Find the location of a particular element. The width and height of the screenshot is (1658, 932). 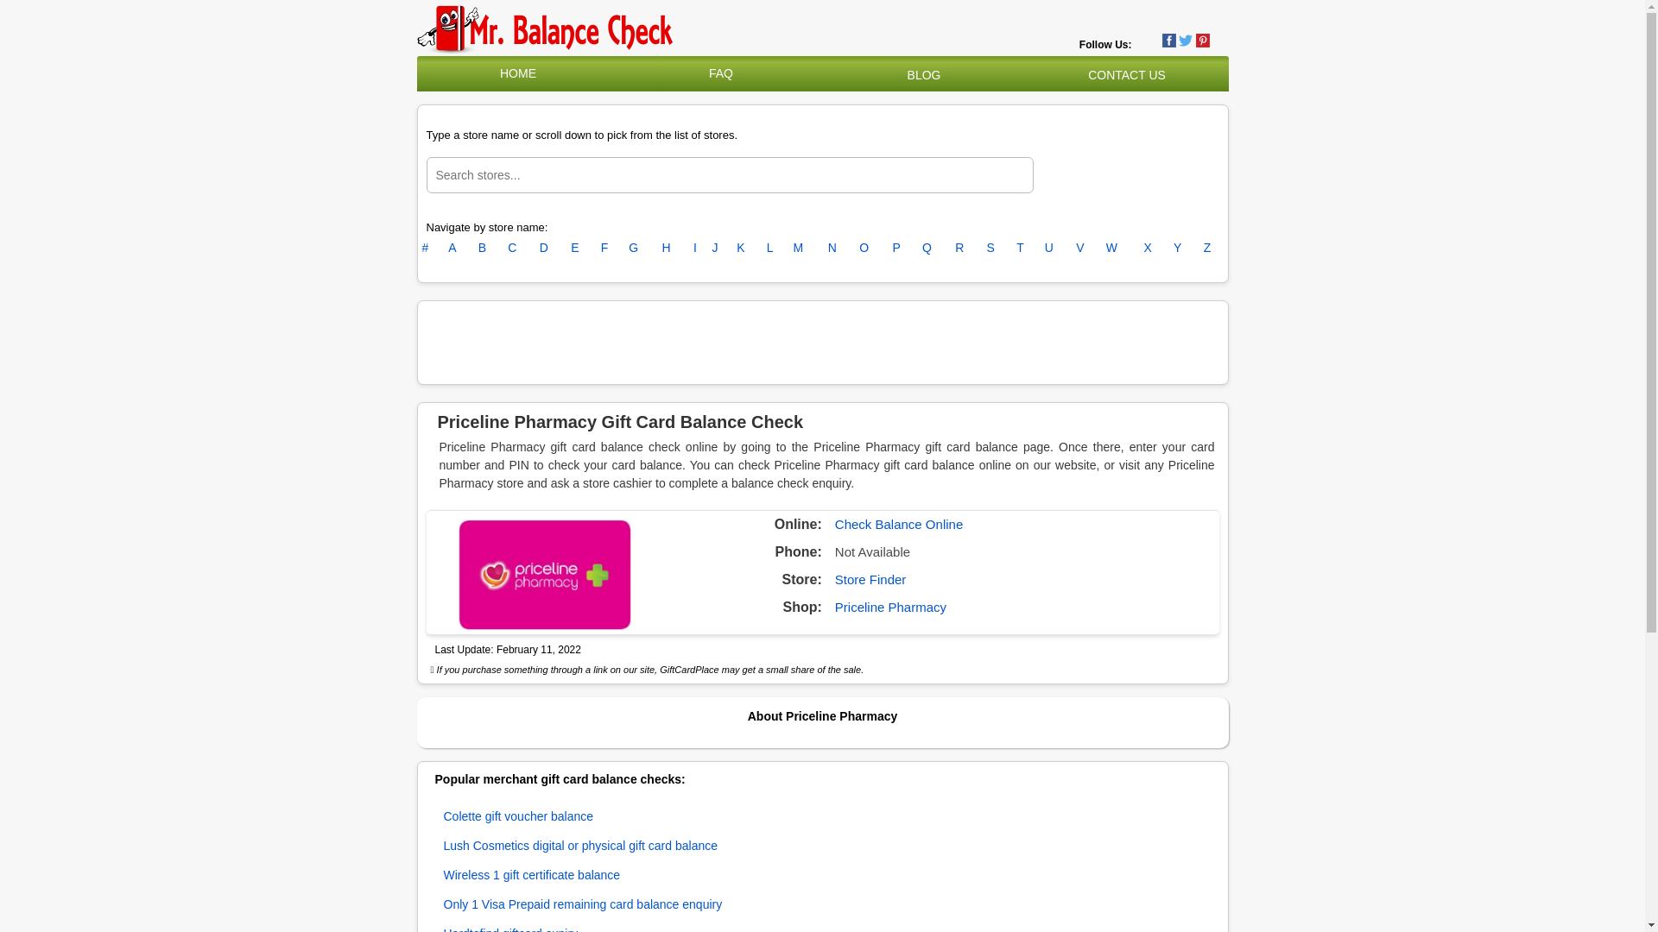

'X' is located at coordinates (1148, 247).